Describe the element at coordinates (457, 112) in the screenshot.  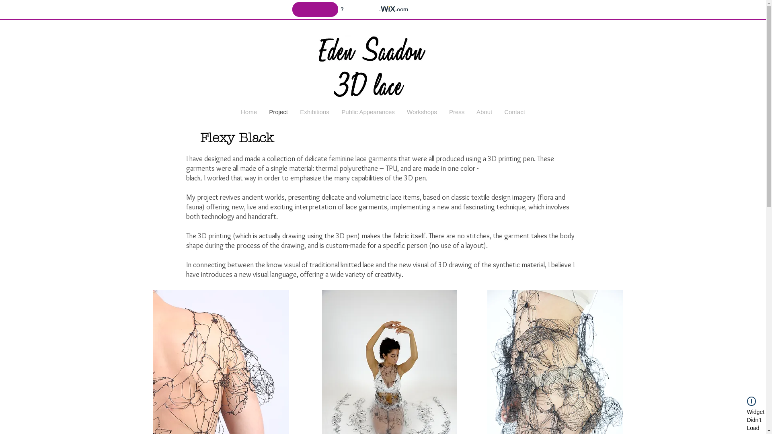
I see `'Press'` at that location.